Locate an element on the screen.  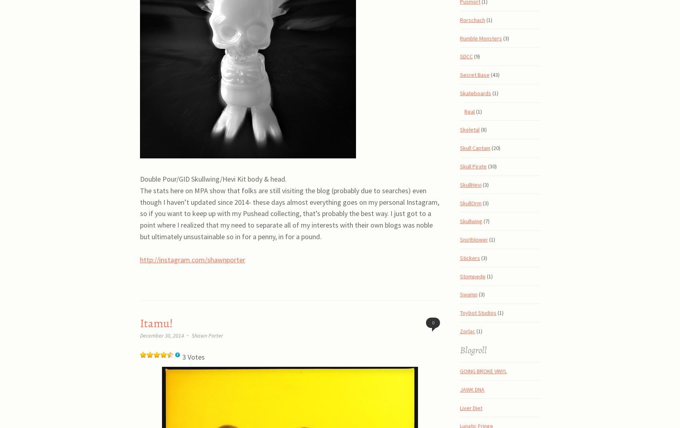
'SkullOrm' is located at coordinates (460, 202).